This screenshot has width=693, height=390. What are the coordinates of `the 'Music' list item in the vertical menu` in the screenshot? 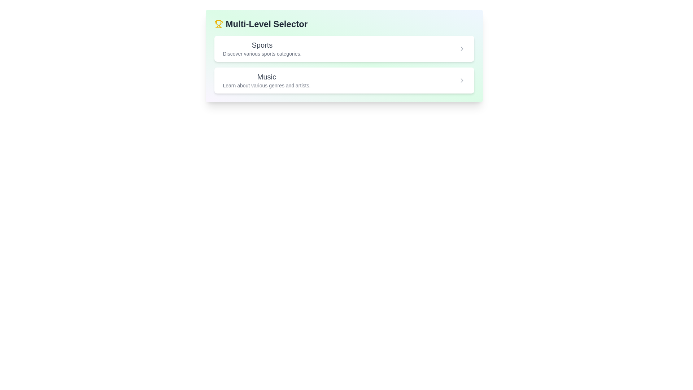 It's located at (344, 81).